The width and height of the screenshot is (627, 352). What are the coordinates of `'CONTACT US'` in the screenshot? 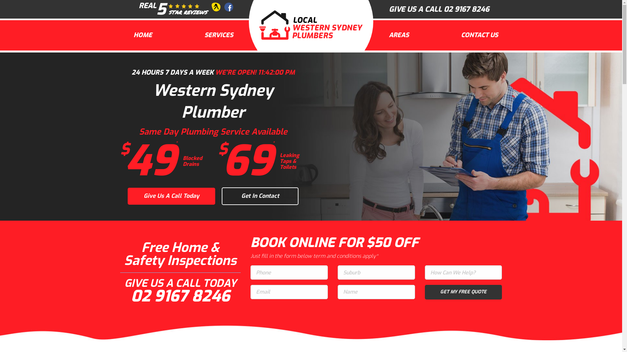 It's located at (479, 35).